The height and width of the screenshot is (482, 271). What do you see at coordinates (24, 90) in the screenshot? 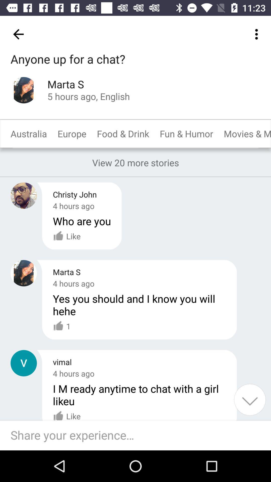
I see `open profile` at bounding box center [24, 90].